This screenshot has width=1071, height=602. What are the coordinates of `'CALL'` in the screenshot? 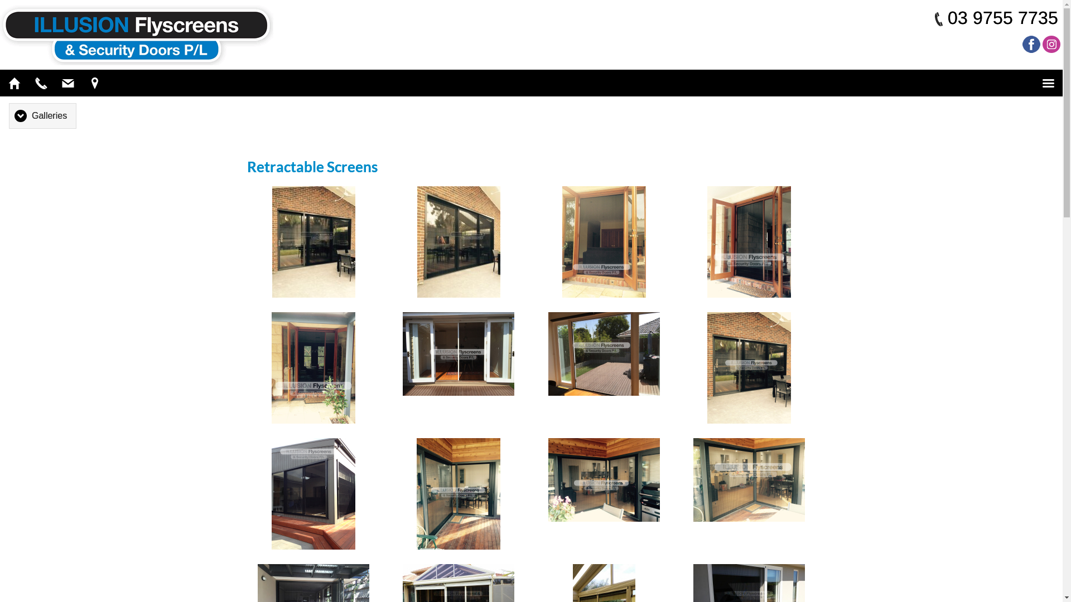 It's located at (41, 82).